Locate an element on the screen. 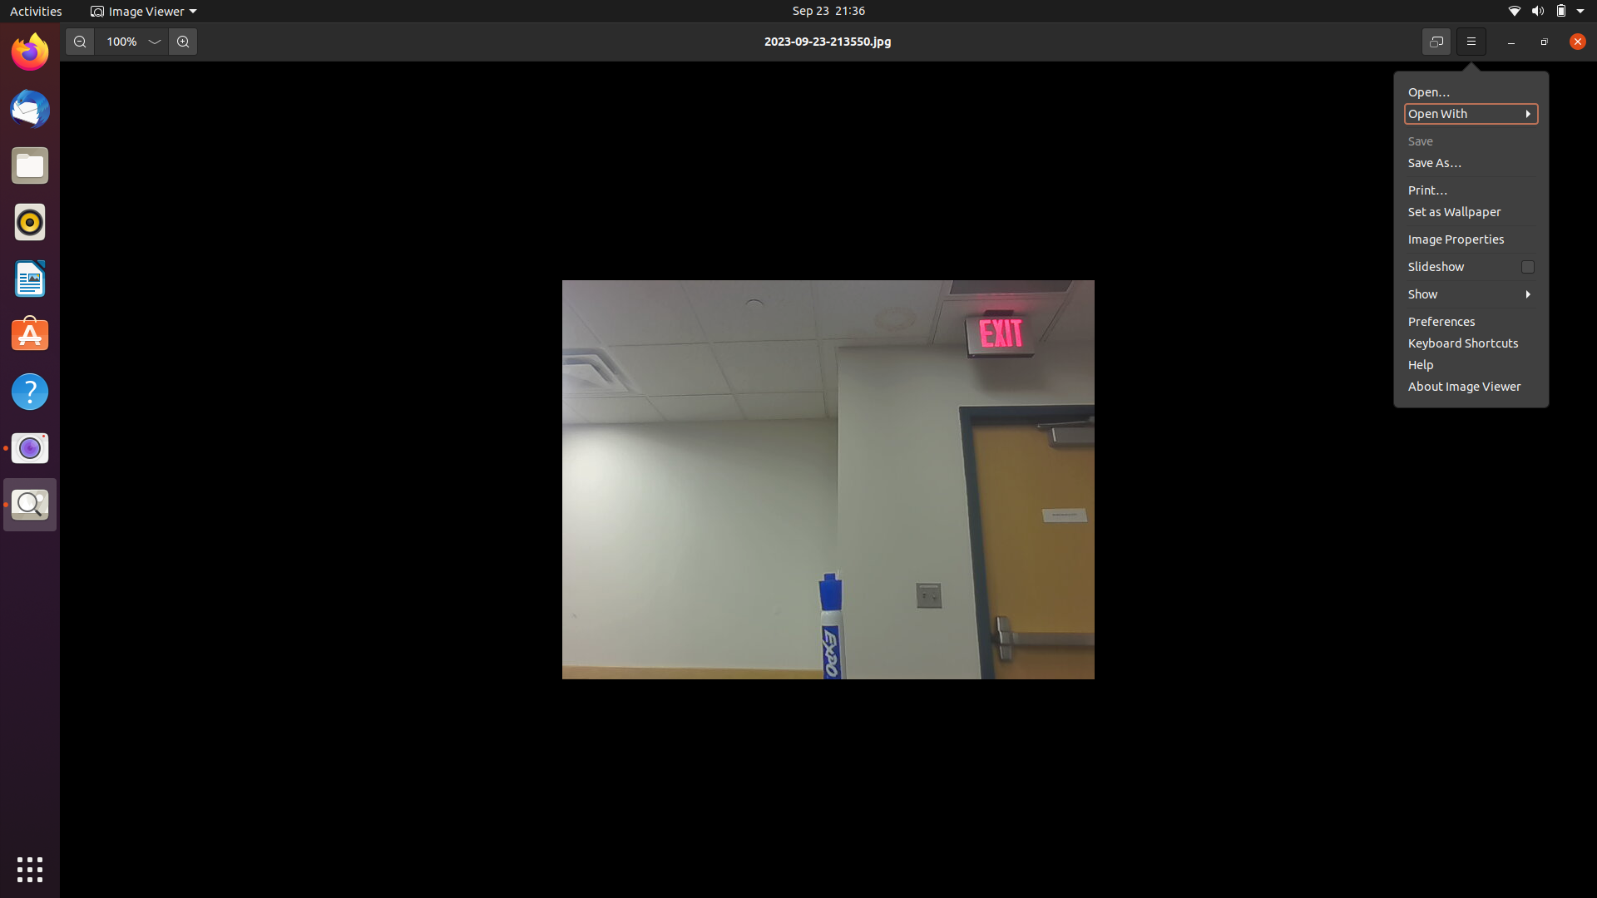 The width and height of the screenshot is (1597, 898). the about page for the image viewer is located at coordinates (1465, 319).